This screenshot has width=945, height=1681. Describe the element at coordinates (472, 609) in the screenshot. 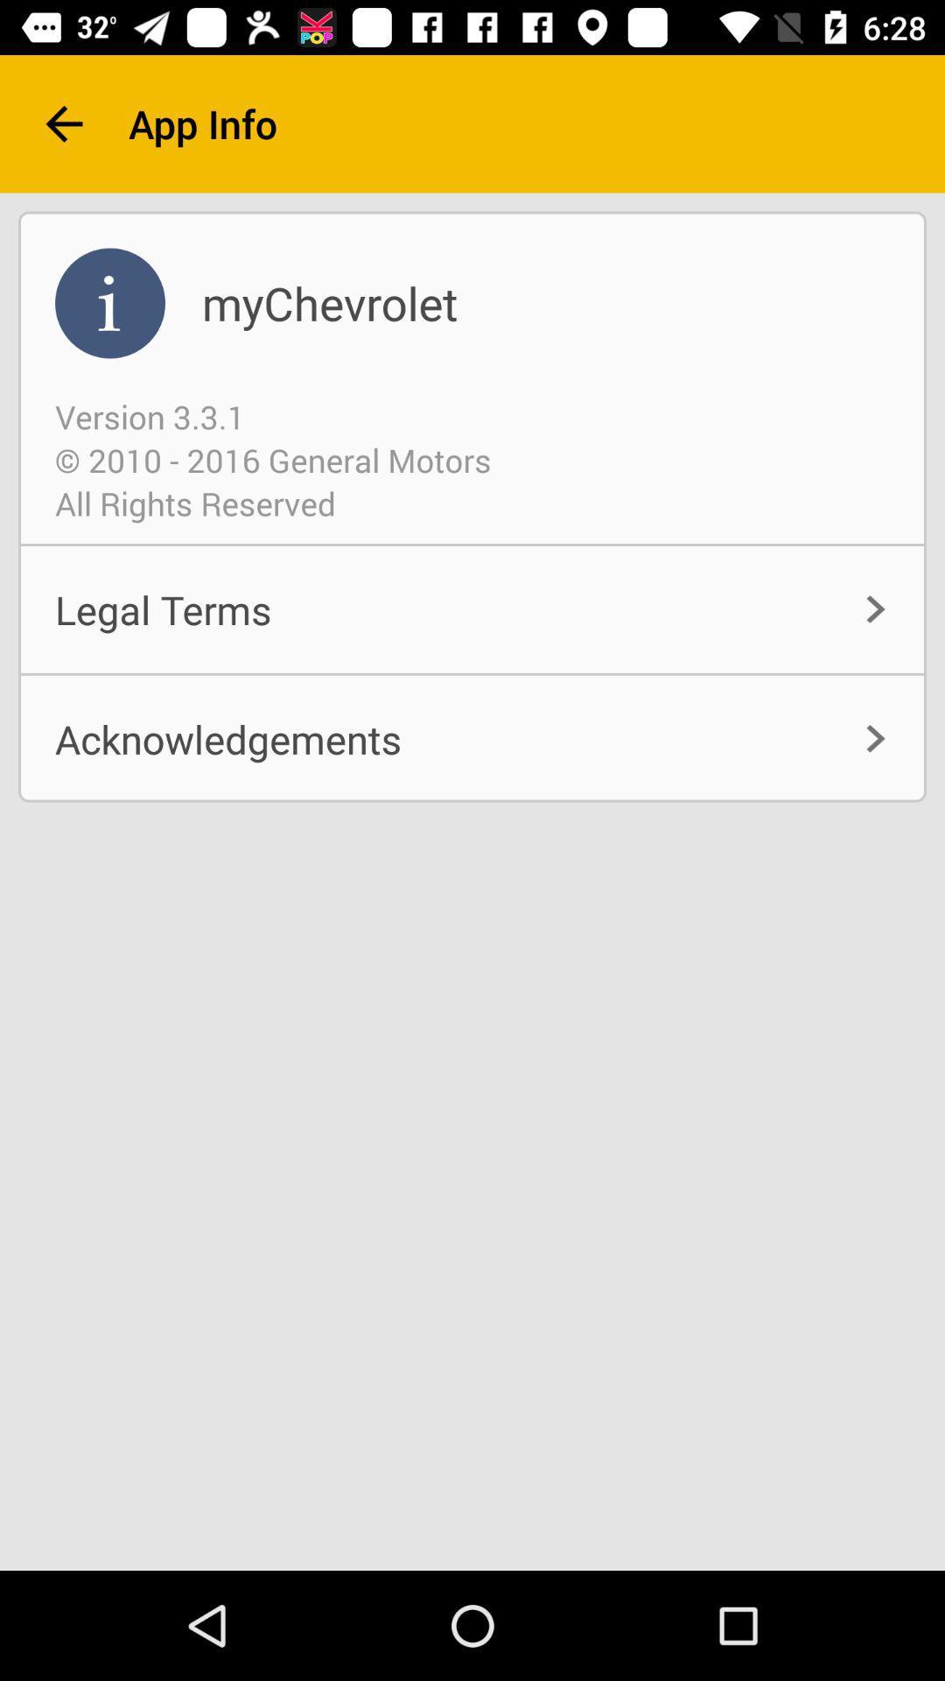

I see `item above acknowledgements icon` at that location.